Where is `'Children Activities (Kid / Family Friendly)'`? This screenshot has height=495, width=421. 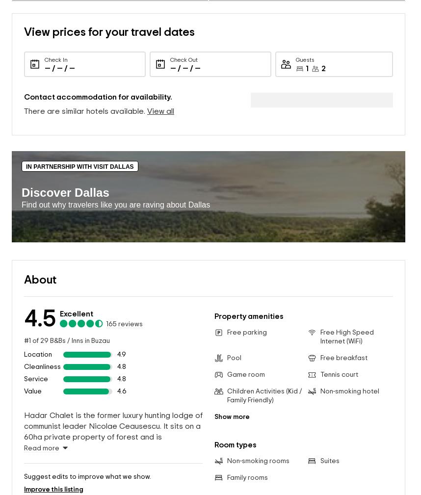 'Children Activities (Kid / Family Friendly)' is located at coordinates (264, 380).